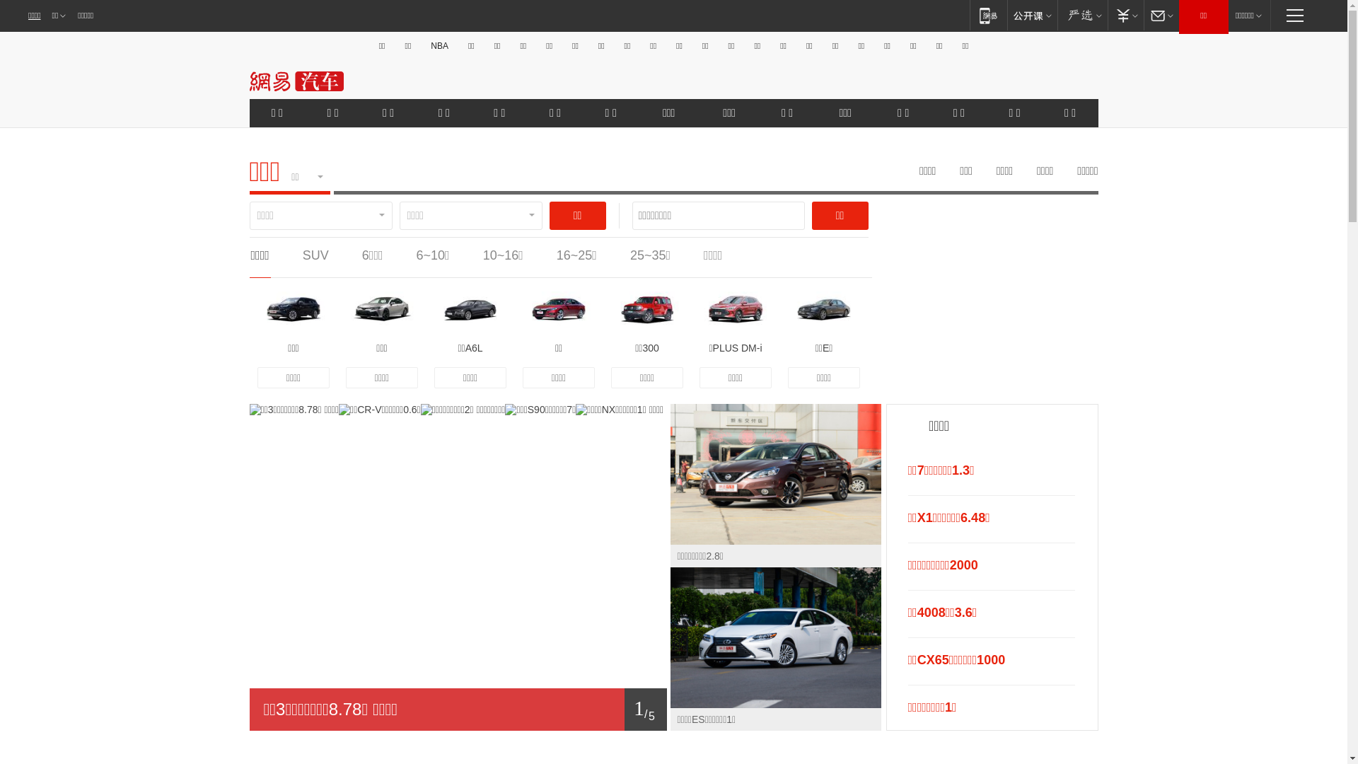 The width and height of the screenshot is (1358, 764). I want to click on 'SUV', so click(315, 255).